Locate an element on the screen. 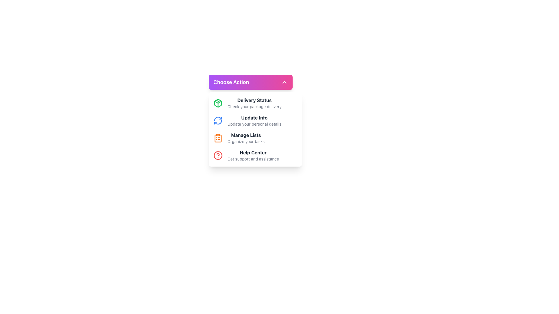 The width and height of the screenshot is (559, 314). the Static Text Label that states 'Organize your tasks', which is styled in a smaller font size and light gray color, located directly below the 'Manage Lists' title is located at coordinates (246, 141).